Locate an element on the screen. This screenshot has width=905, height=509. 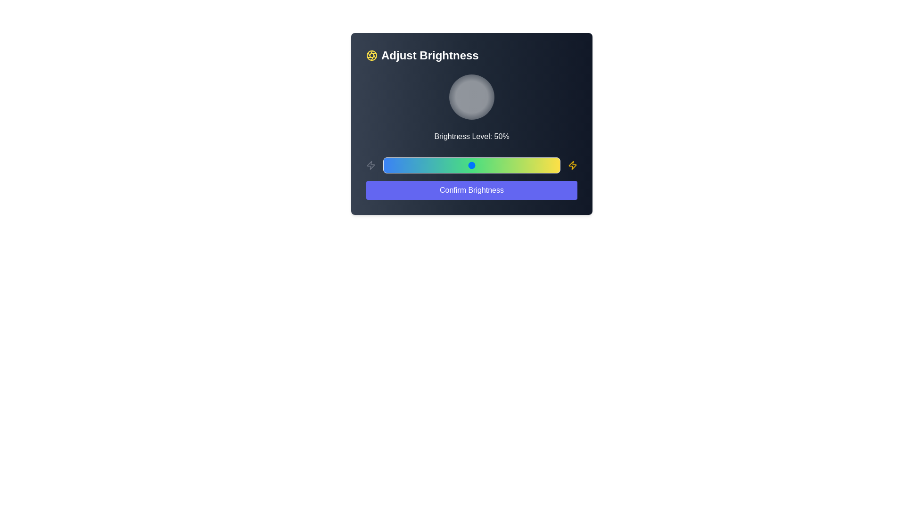
the brightness slider to 13% is located at coordinates (406, 165).